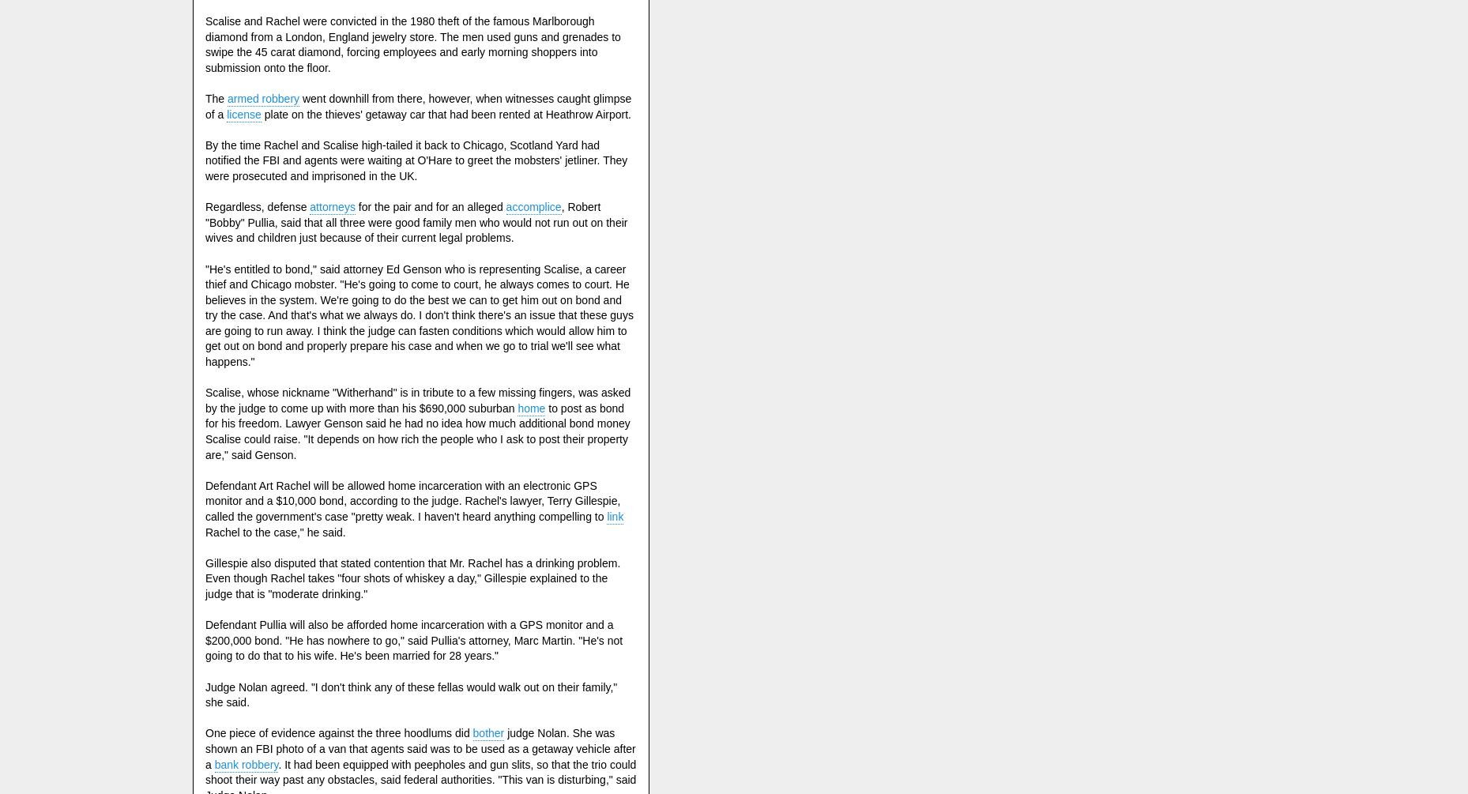  Describe the element at coordinates (417, 399) in the screenshot. I see `'Scalise, whose nickname "Witherhand" is in tribute to a few missing fingers, was asked by the judge to come up with more than his $690,000 suburban'` at that location.